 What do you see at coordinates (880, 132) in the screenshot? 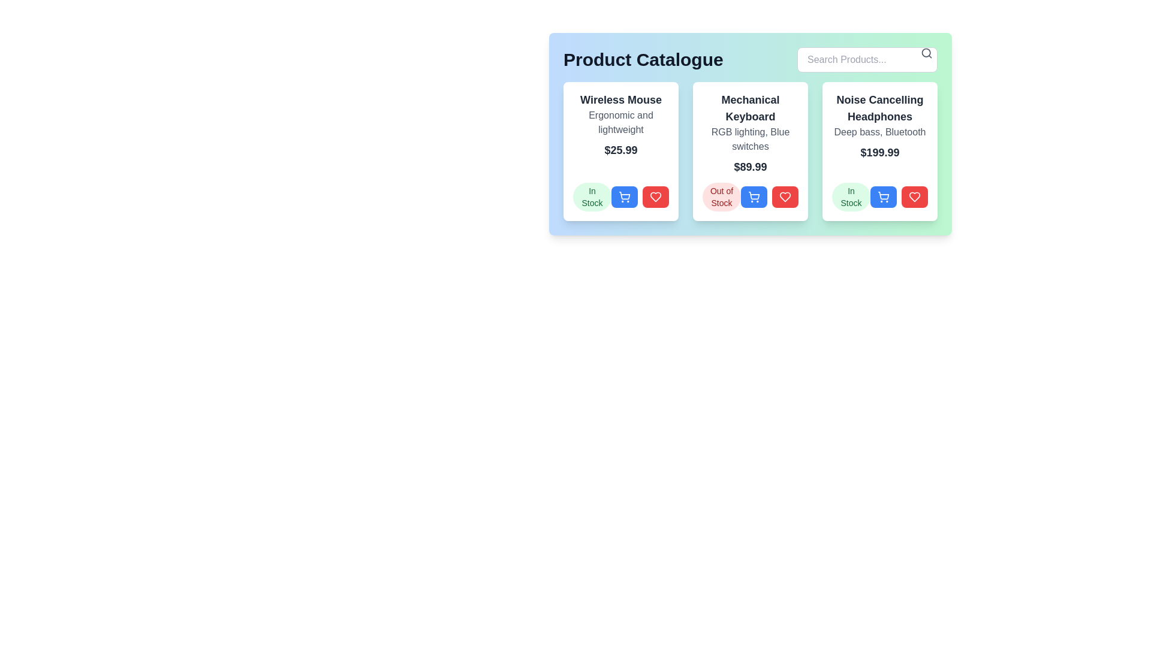
I see `the descriptive text label reading 'Deep bass, Bluetooth', which is styled in gray and positioned below the title 'Noise Cancelling Headphones' and above the price '$199.99' in the third product card of the interface` at bounding box center [880, 132].